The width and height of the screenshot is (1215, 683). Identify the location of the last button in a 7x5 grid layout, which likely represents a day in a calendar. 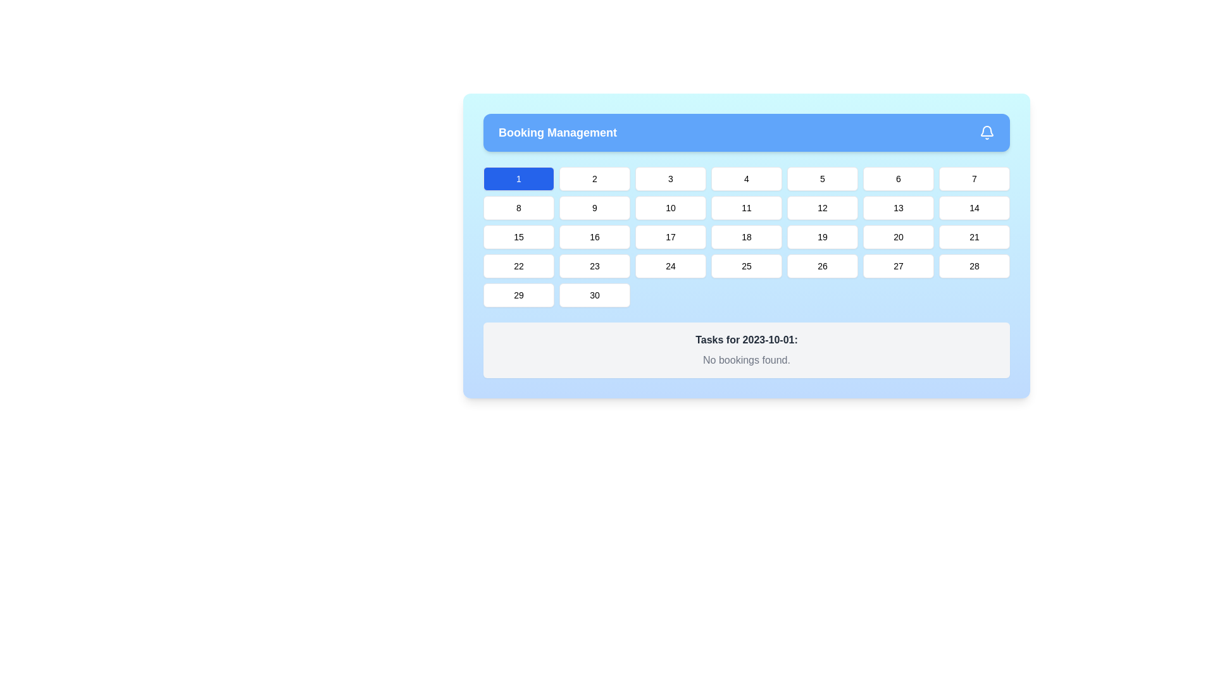
(594, 295).